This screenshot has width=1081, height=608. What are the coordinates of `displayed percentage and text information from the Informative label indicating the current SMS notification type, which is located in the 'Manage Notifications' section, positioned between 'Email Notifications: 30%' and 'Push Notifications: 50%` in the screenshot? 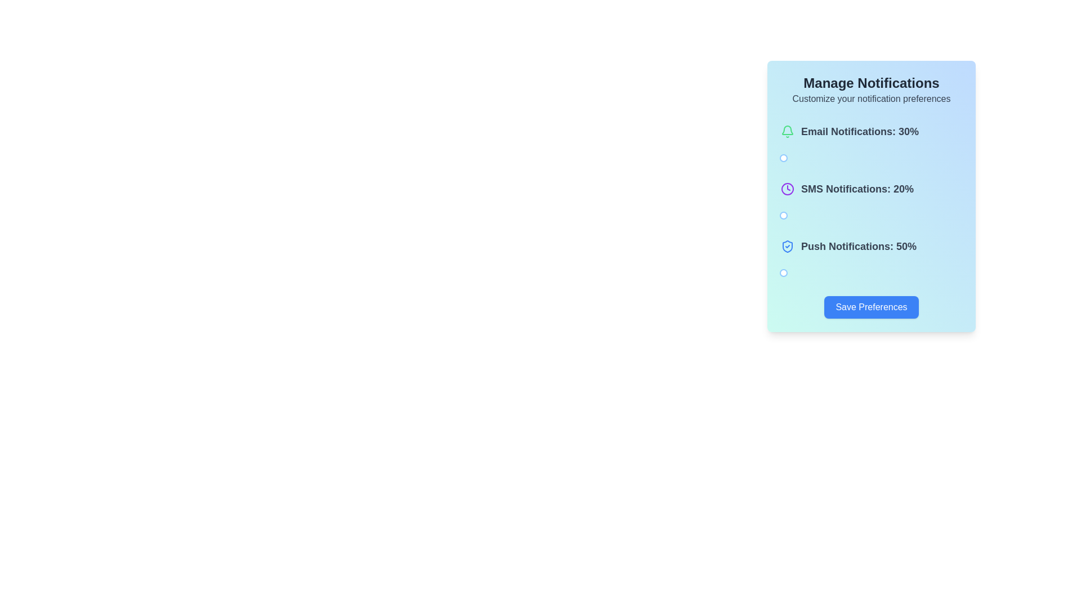 It's located at (847, 188).